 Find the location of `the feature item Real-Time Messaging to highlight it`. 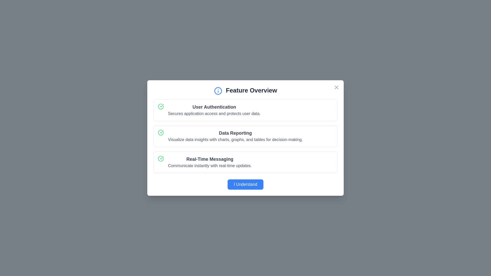

the feature item Real-Time Messaging to highlight it is located at coordinates (245, 162).